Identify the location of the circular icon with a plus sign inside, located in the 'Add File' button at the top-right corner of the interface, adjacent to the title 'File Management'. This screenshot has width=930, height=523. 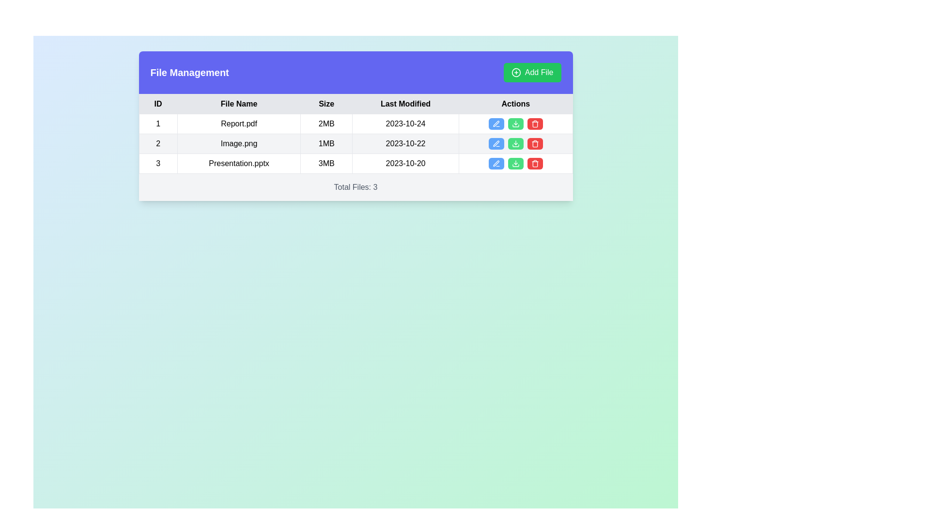
(515, 72).